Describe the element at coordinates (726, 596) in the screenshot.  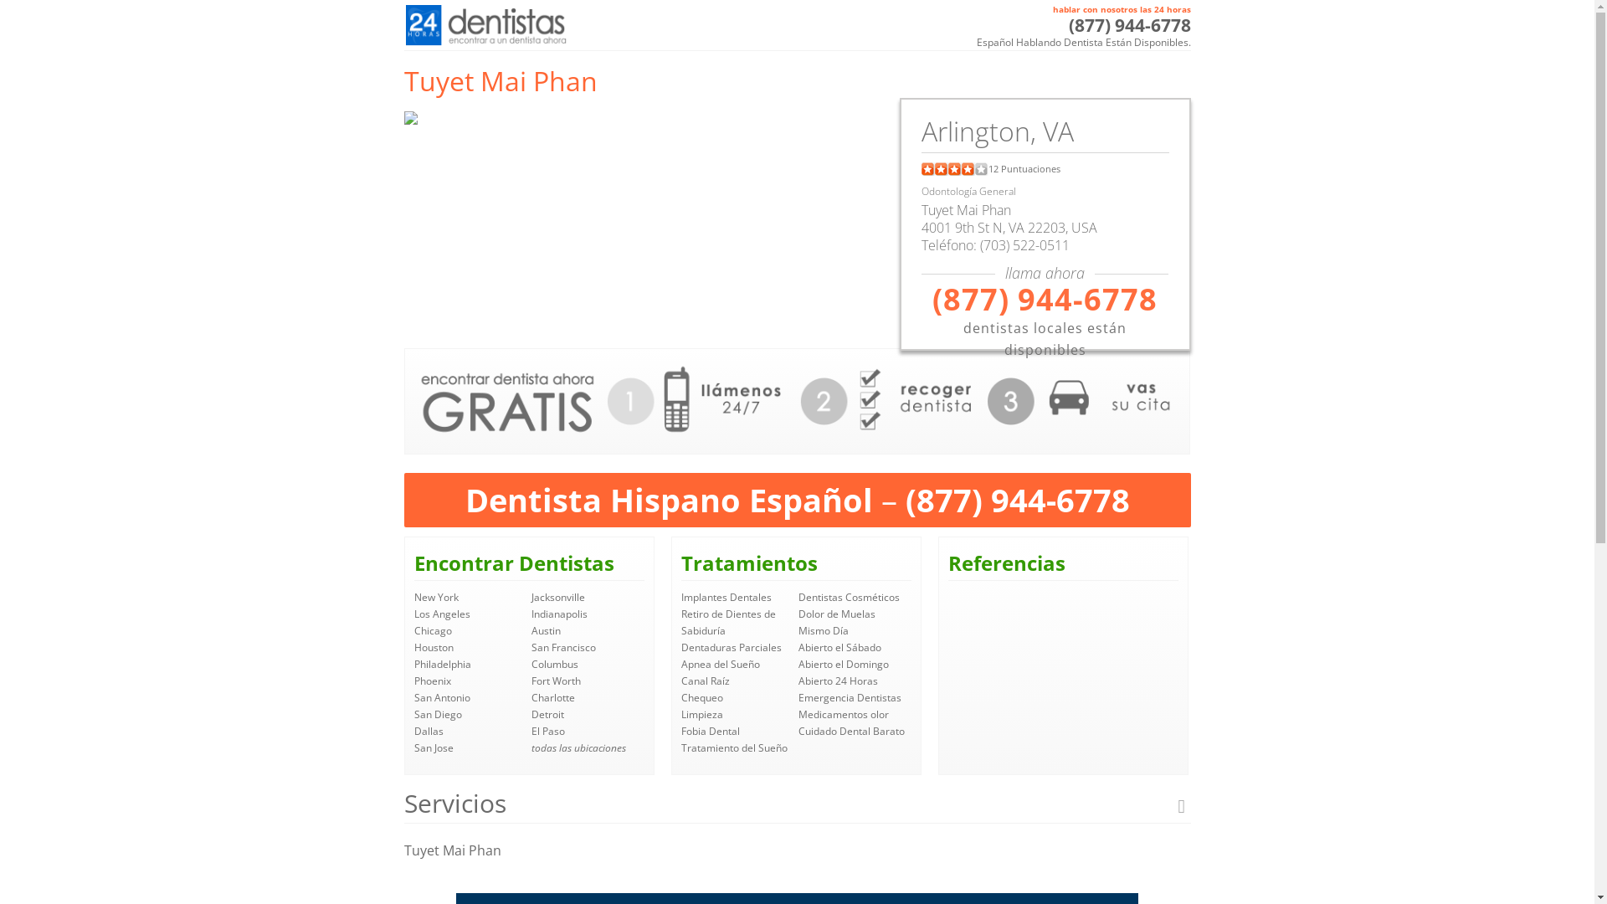
I see `'Implantes Dentales'` at that location.